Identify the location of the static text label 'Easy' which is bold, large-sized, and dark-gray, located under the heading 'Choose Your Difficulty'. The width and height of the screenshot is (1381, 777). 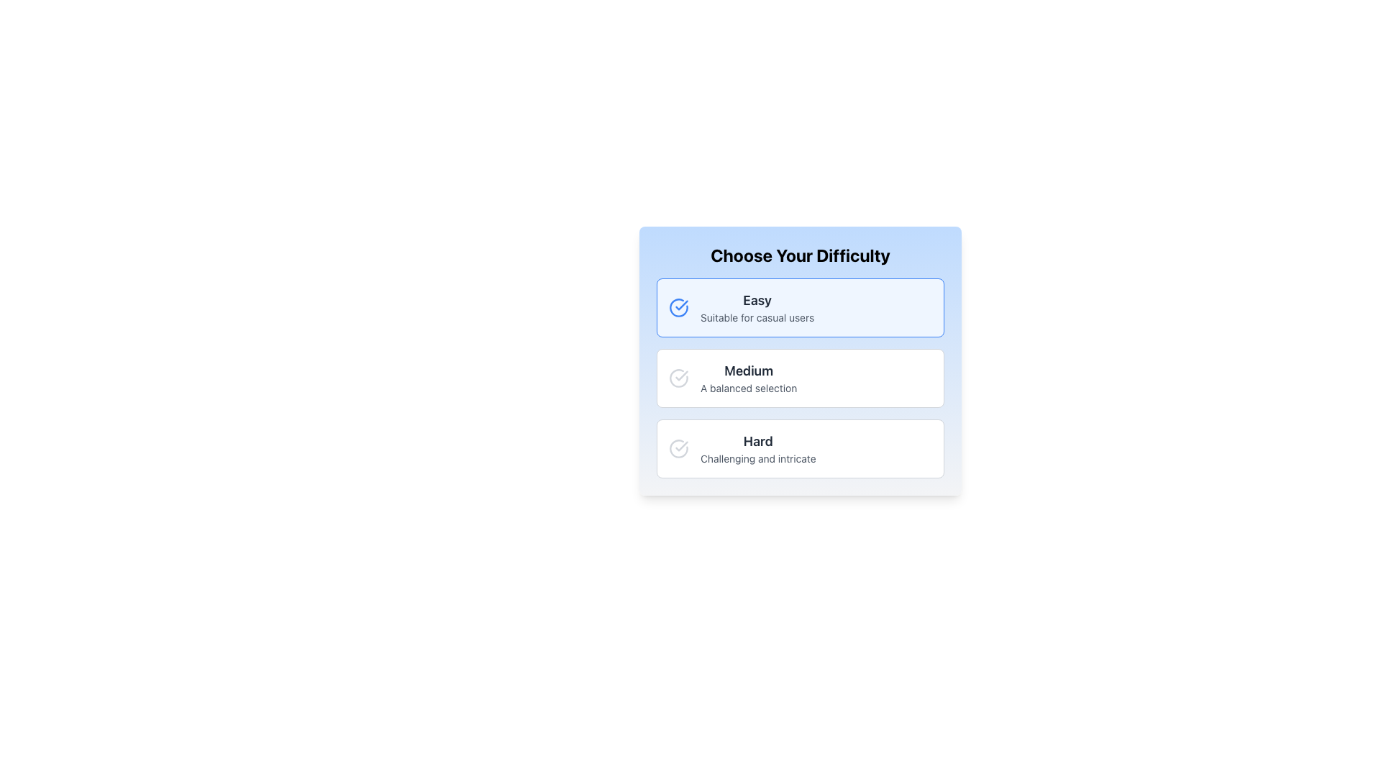
(757, 299).